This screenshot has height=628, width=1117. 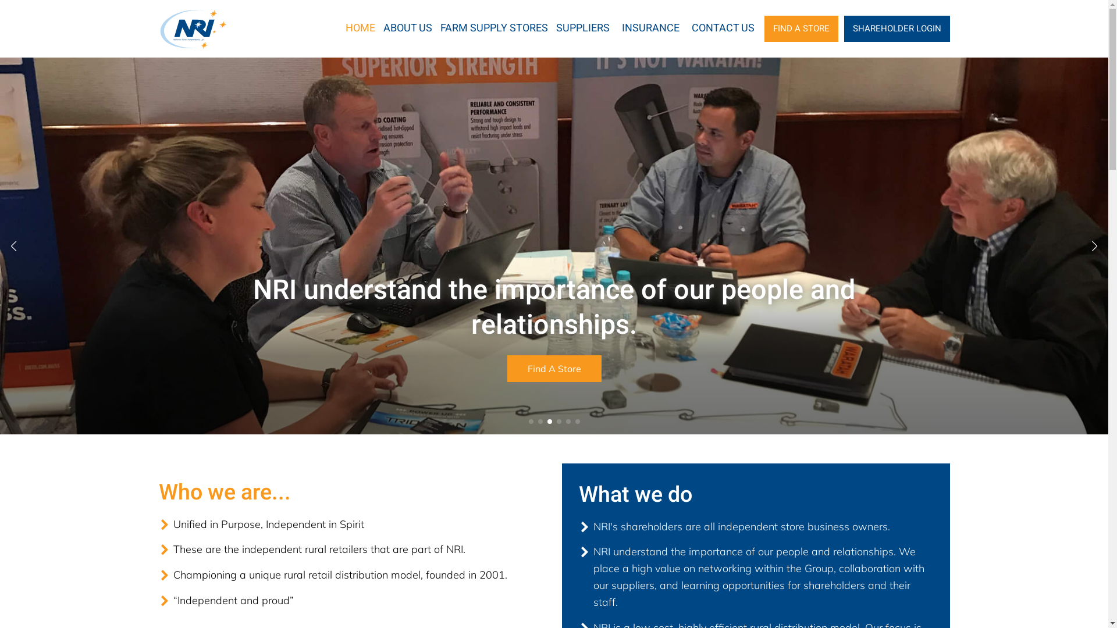 What do you see at coordinates (407, 28) in the screenshot?
I see `'ABOUT US'` at bounding box center [407, 28].